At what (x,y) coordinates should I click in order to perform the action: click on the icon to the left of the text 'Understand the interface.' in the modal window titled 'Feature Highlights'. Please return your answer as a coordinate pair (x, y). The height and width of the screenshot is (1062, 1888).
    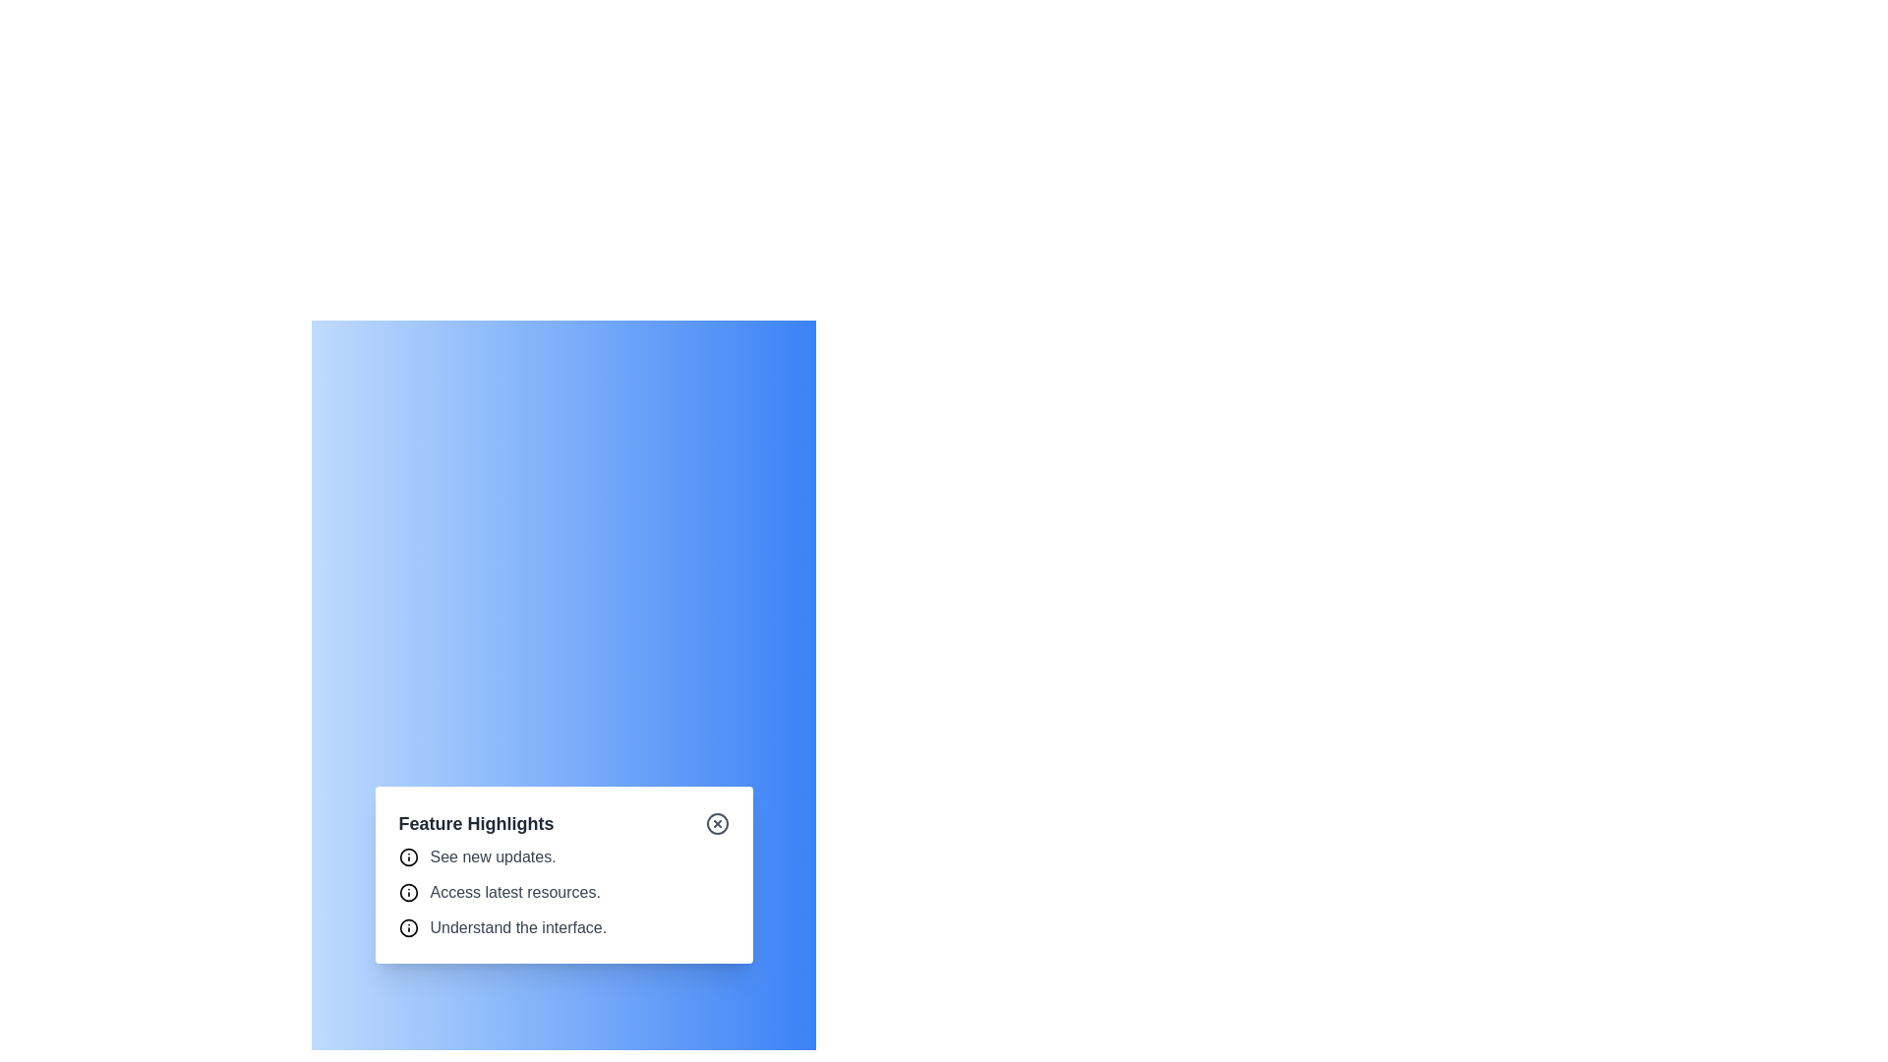
    Looking at the image, I should click on (407, 928).